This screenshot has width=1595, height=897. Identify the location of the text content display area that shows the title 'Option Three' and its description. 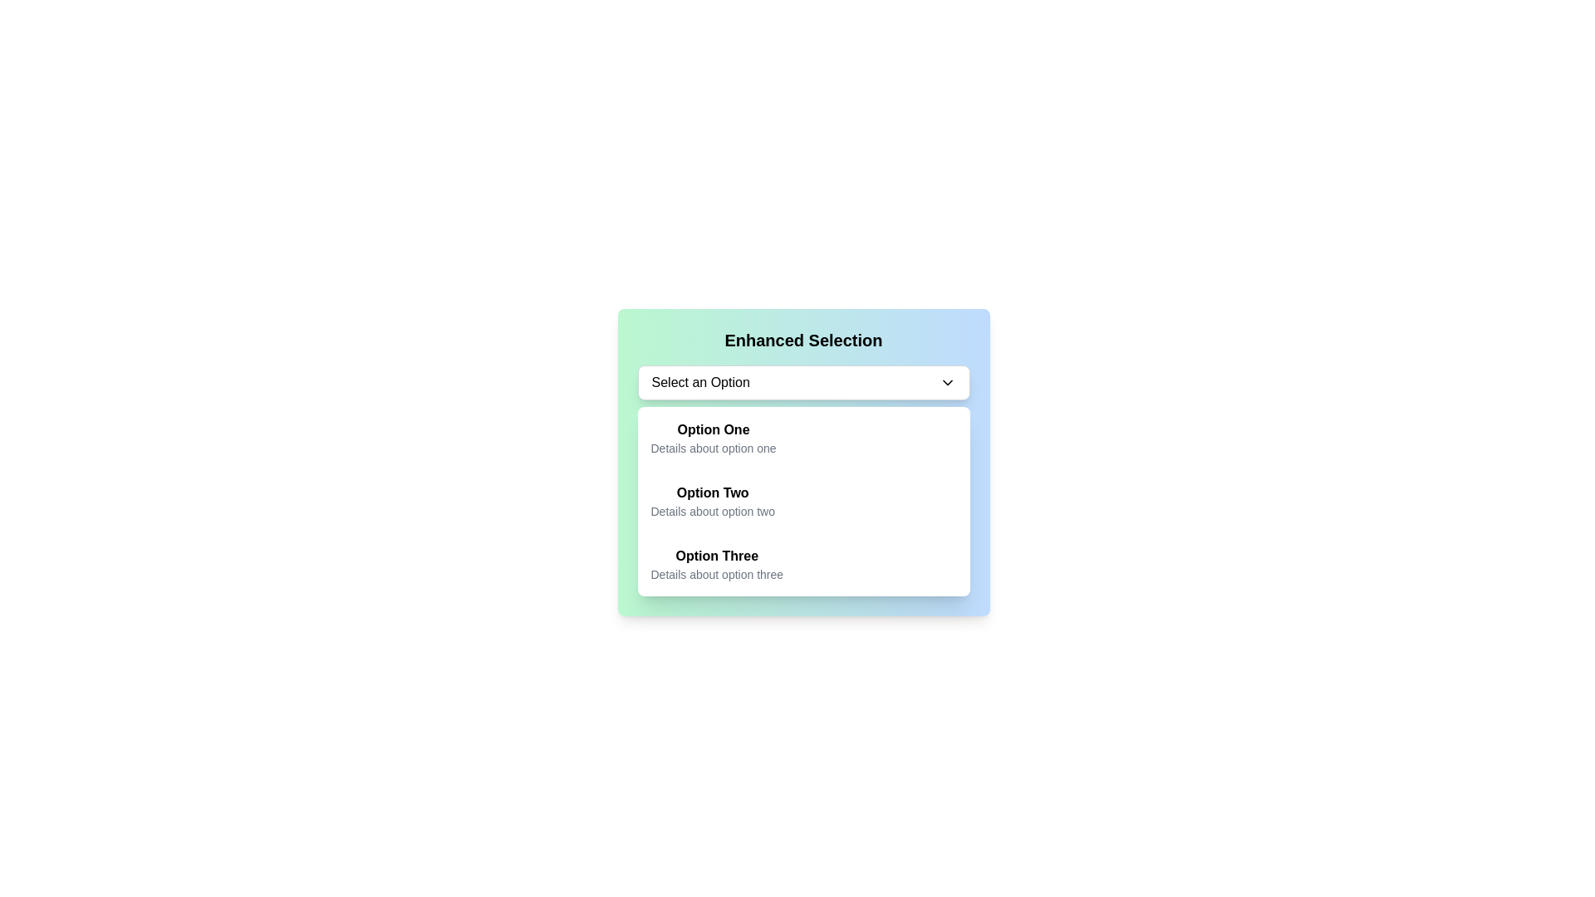
(717, 563).